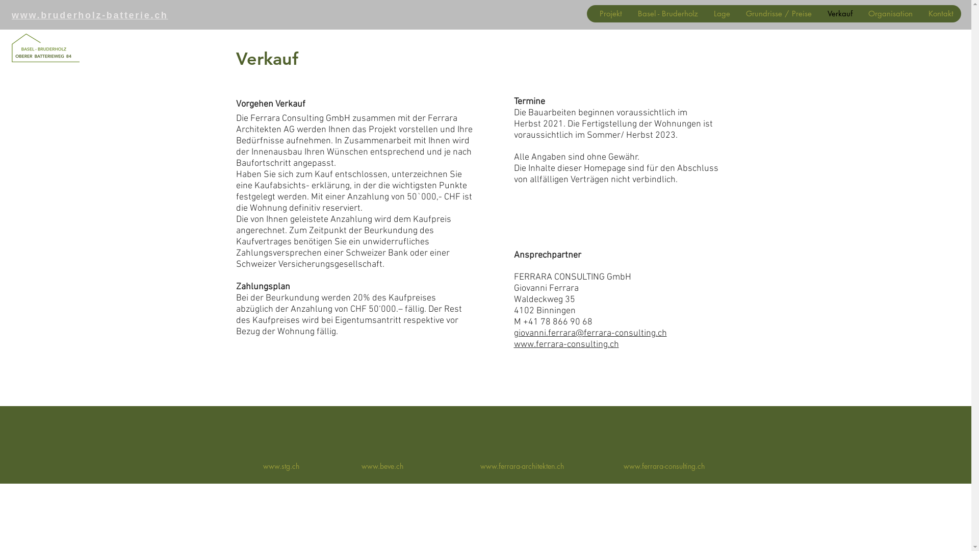 Image resolution: width=979 pixels, height=551 pixels. What do you see at coordinates (629, 14) in the screenshot?
I see `'Basel - Bruderholz'` at bounding box center [629, 14].